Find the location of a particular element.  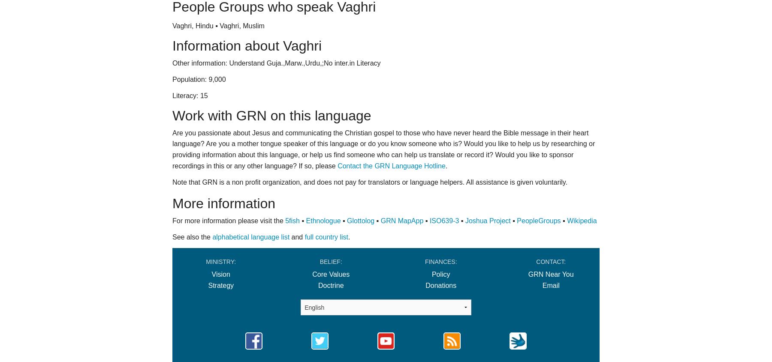

'Vision' is located at coordinates (220, 274).